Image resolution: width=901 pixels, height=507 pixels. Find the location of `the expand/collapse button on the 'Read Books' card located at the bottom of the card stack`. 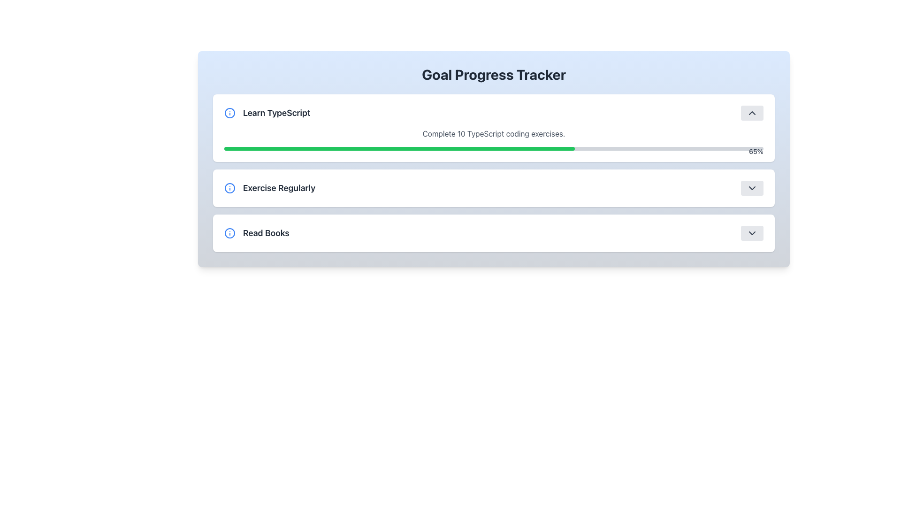

the expand/collapse button on the 'Read Books' card located at the bottom of the card stack is located at coordinates (493, 233).